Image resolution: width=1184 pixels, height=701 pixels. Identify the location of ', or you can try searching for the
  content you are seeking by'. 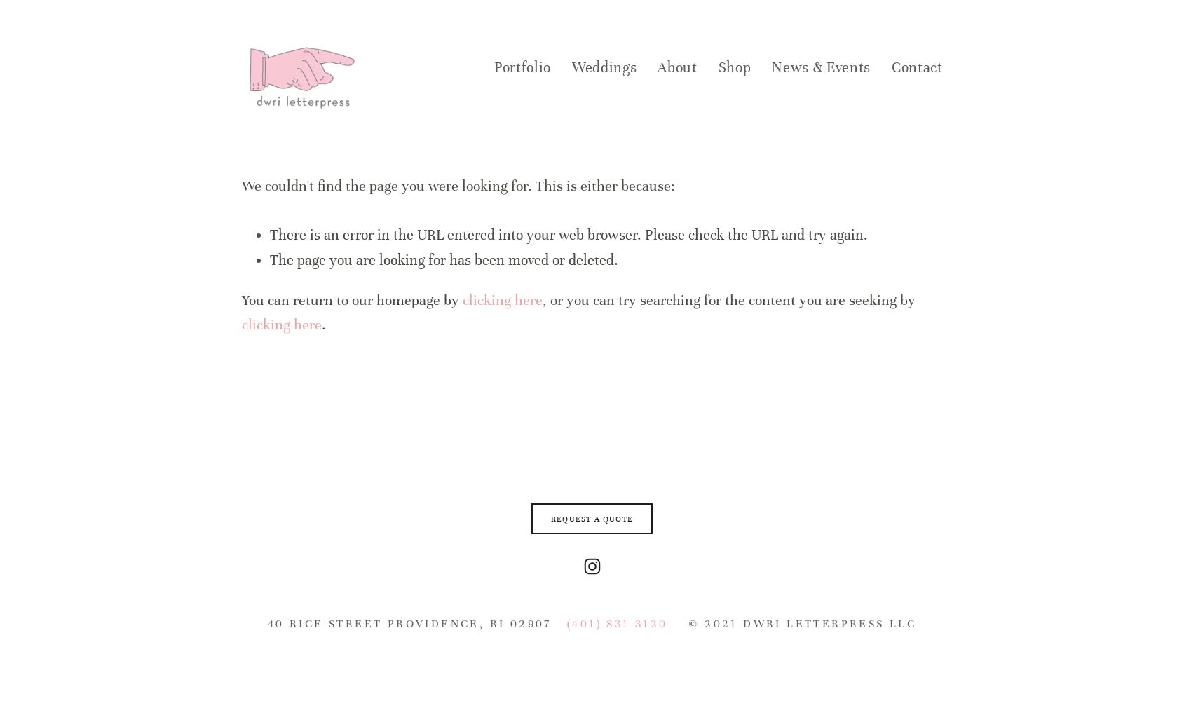
(728, 299).